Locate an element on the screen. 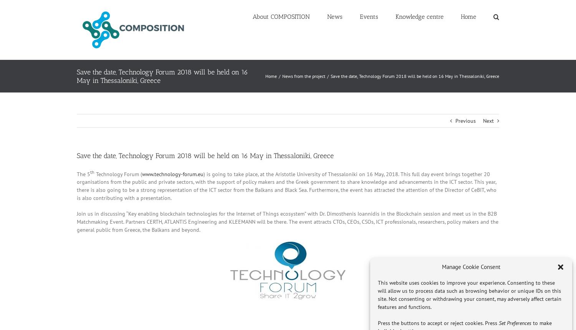  'Presentations' is located at coordinates (417, 94).